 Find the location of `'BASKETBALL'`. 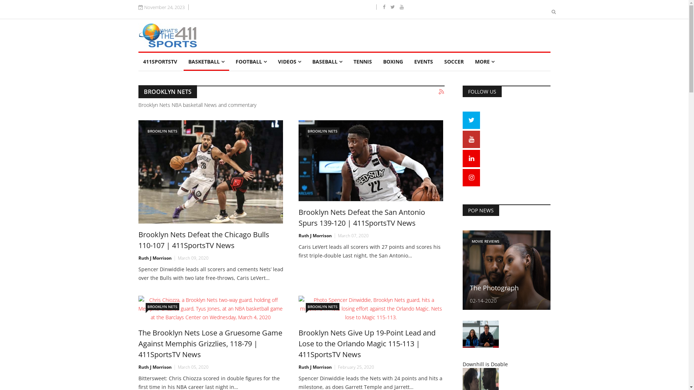

'BASKETBALL' is located at coordinates (206, 61).